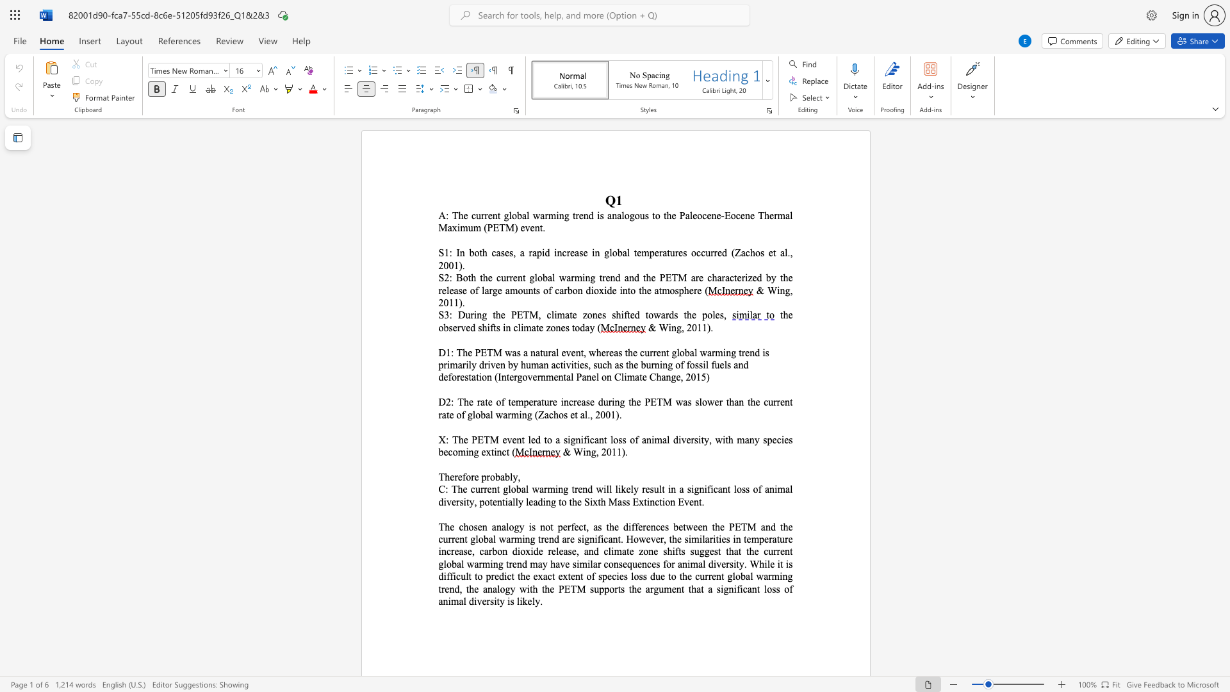 This screenshot has width=1230, height=692. What do you see at coordinates (650, 489) in the screenshot?
I see `the subset text "sult" within the text "likely result"` at bounding box center [650, 489].